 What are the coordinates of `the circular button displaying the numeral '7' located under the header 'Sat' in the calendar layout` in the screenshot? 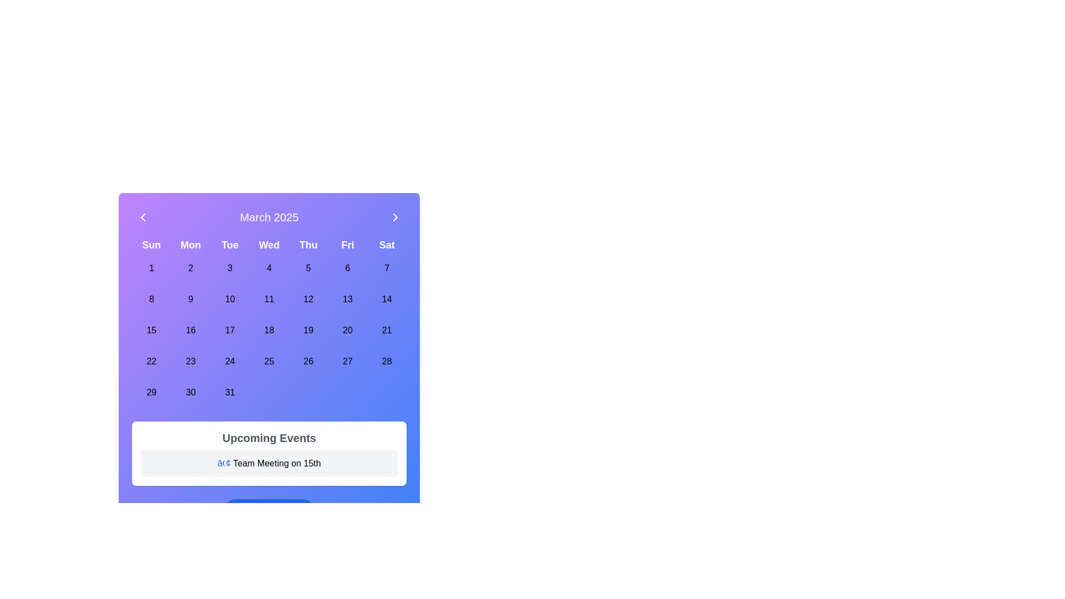 It's located at (387, 268).